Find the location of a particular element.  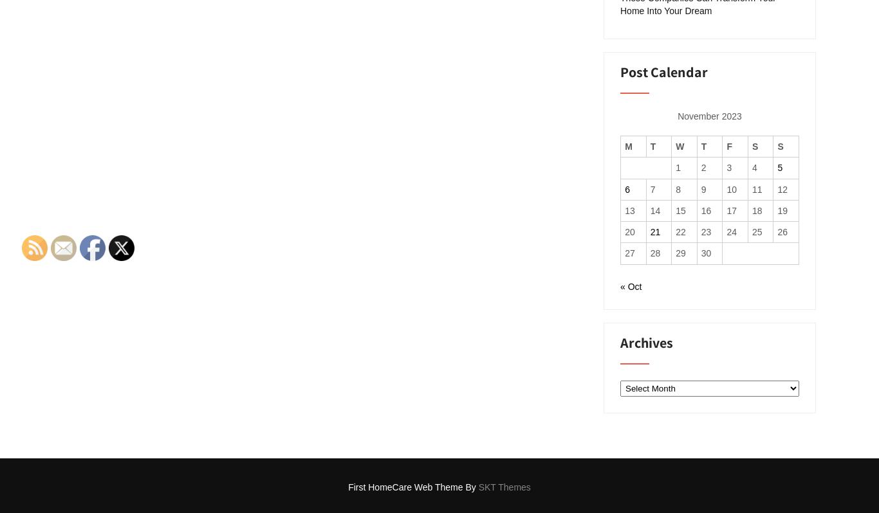

'« Oct' is located at coordinates (631, 287).